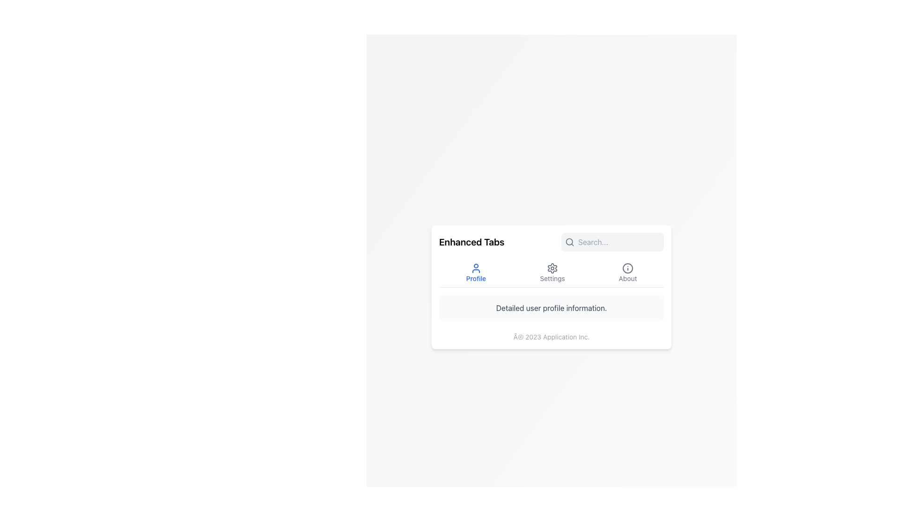 This screenshot has height=505, width=899. I want to click on the text block with a light gray background containing the text 'Detailed user profile information.' located in the central panel of the interface, directly above the footer text, so click(551, 308).